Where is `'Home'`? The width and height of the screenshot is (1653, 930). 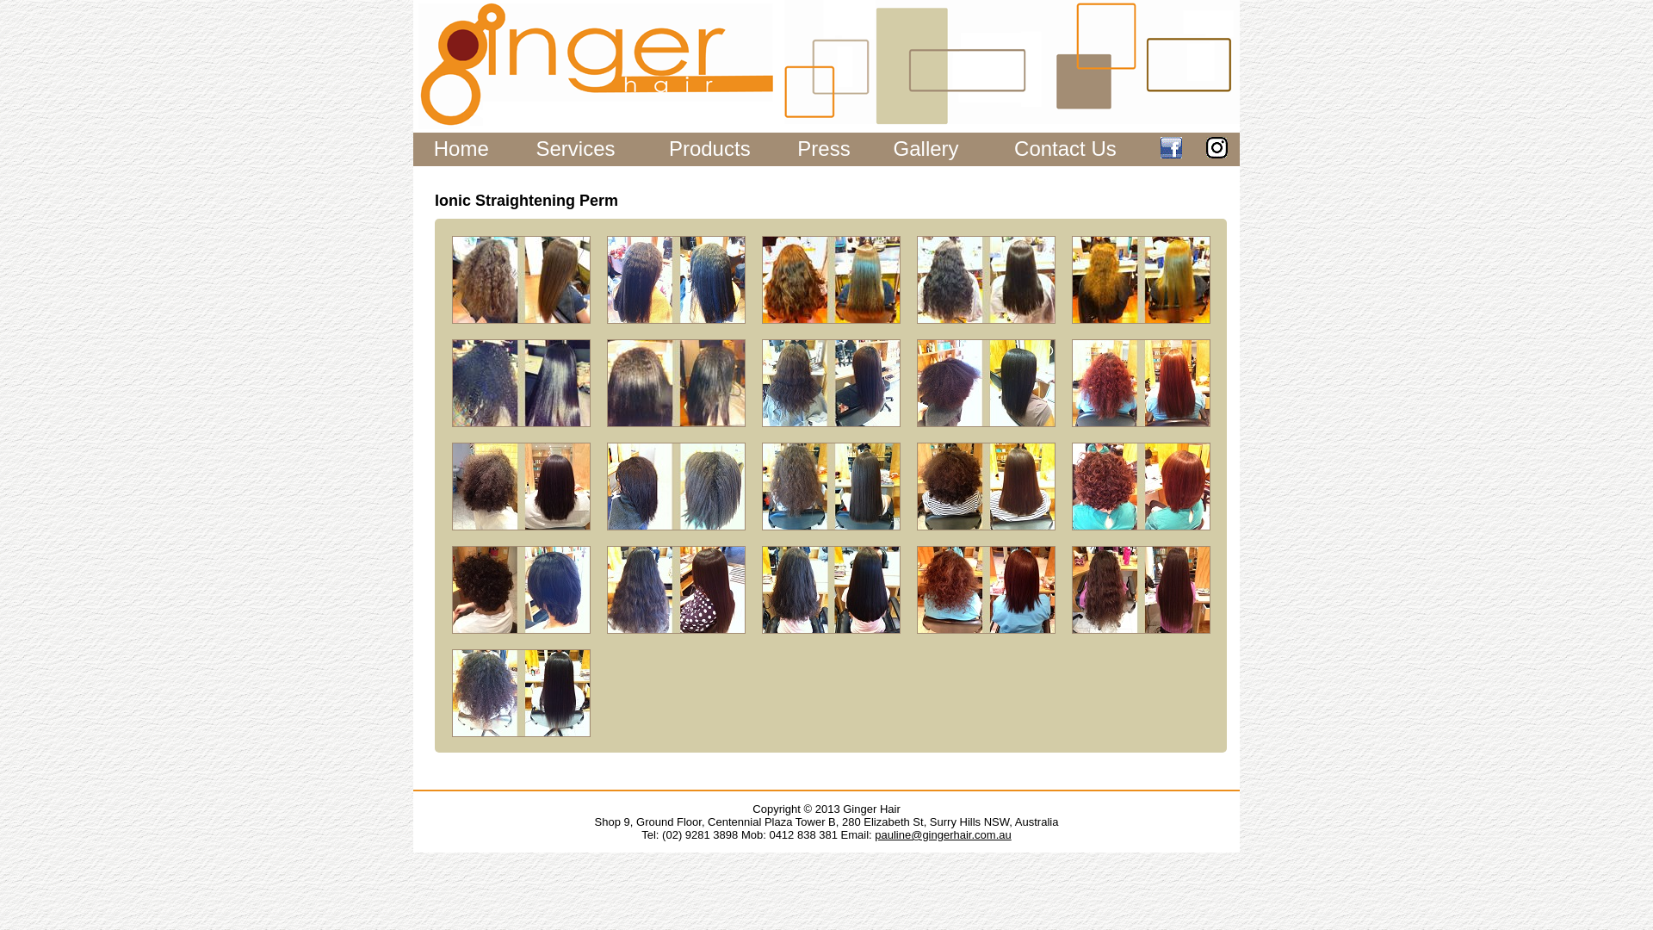
'Home' is located at coordinates (461, 147).